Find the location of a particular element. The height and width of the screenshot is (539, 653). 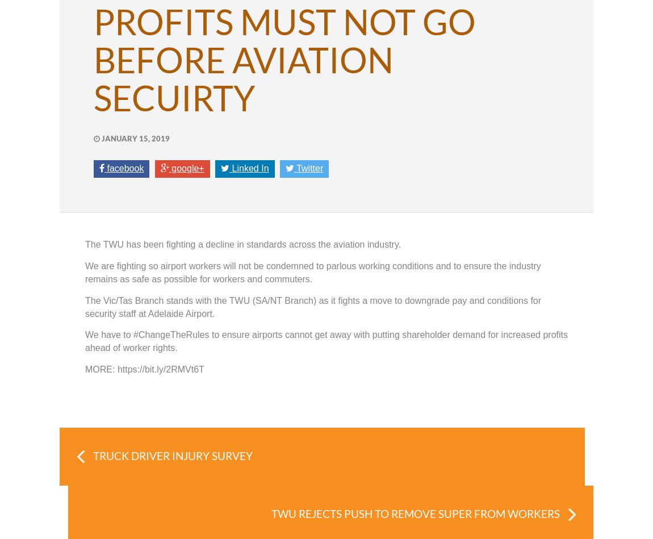

'TWU REJECTS PUSH TO REMOVE SUPER FROM WORKERS' is located at coordinates (415, 513).